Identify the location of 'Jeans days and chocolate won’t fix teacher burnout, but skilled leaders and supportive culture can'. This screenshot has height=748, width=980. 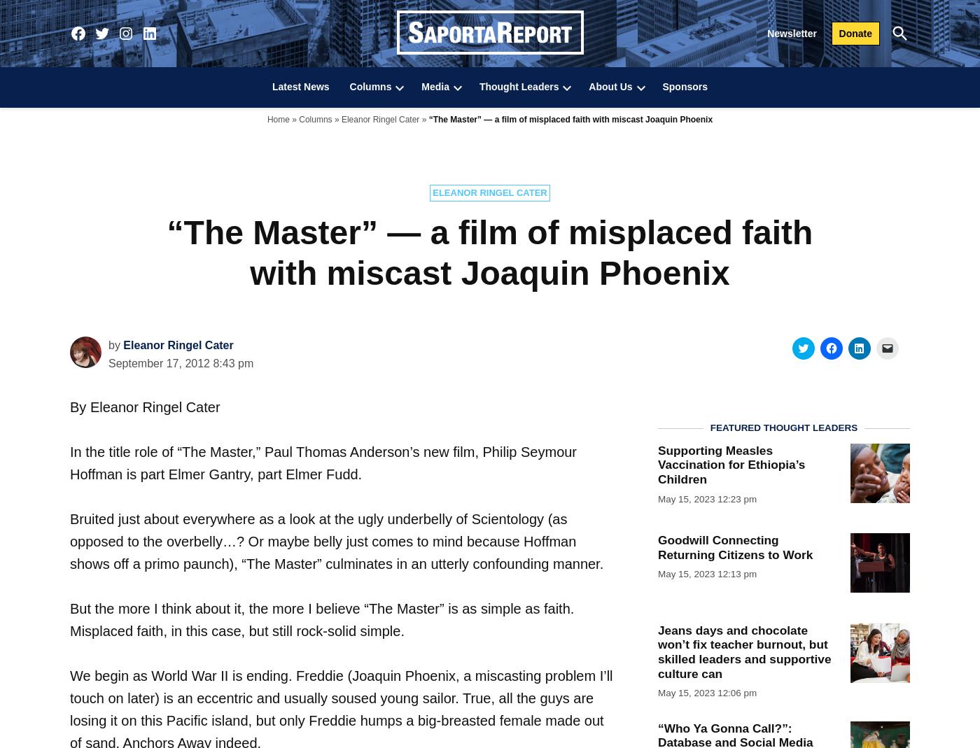
(657, 650).